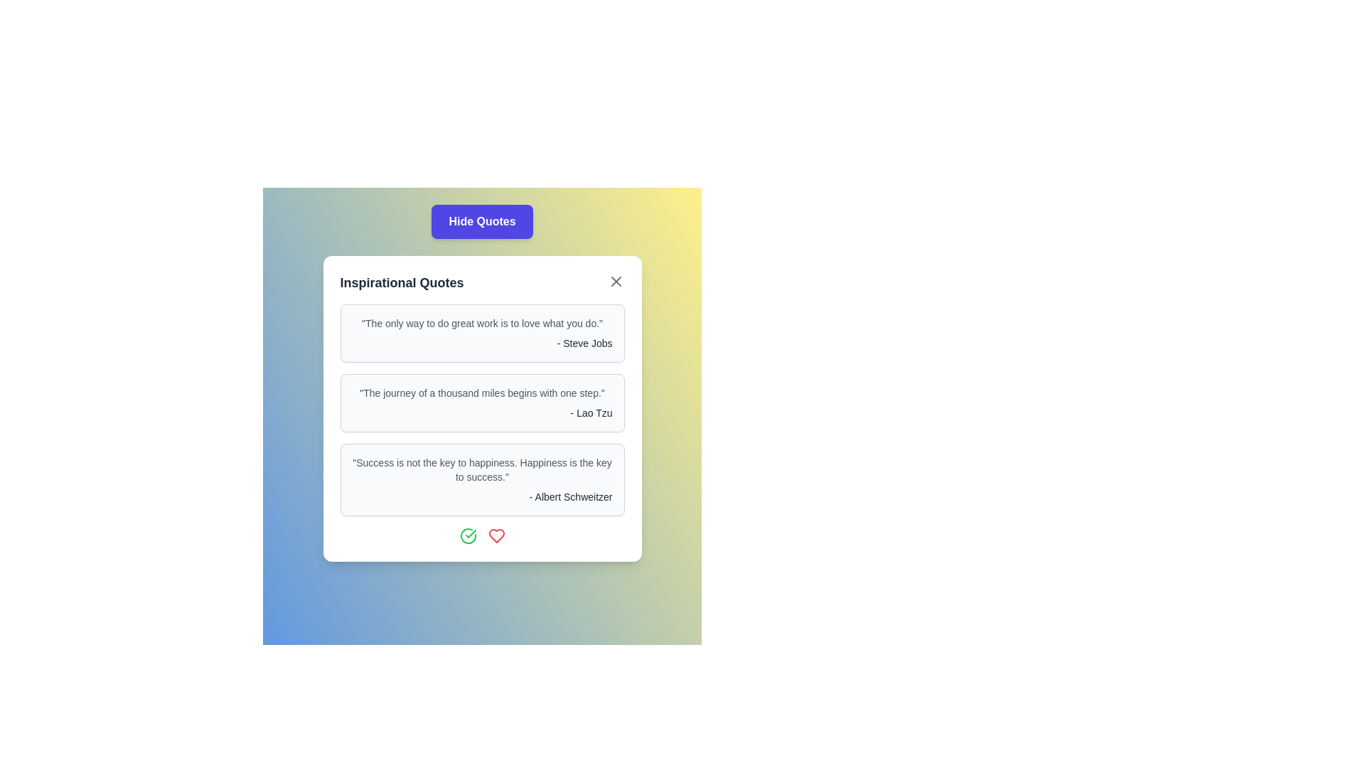 This screenshot has height=768, width=1365. Describe the element at coordinates (482, 408) in the screenshot. I see `the middle quote card displaying an inspirational quote and author's name in the modal dialog titled 'Inspirational Quotes'` at that location.